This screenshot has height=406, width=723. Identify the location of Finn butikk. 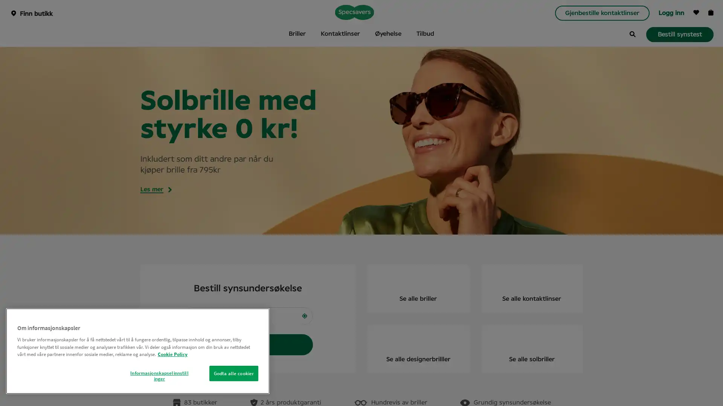
(248, 345).